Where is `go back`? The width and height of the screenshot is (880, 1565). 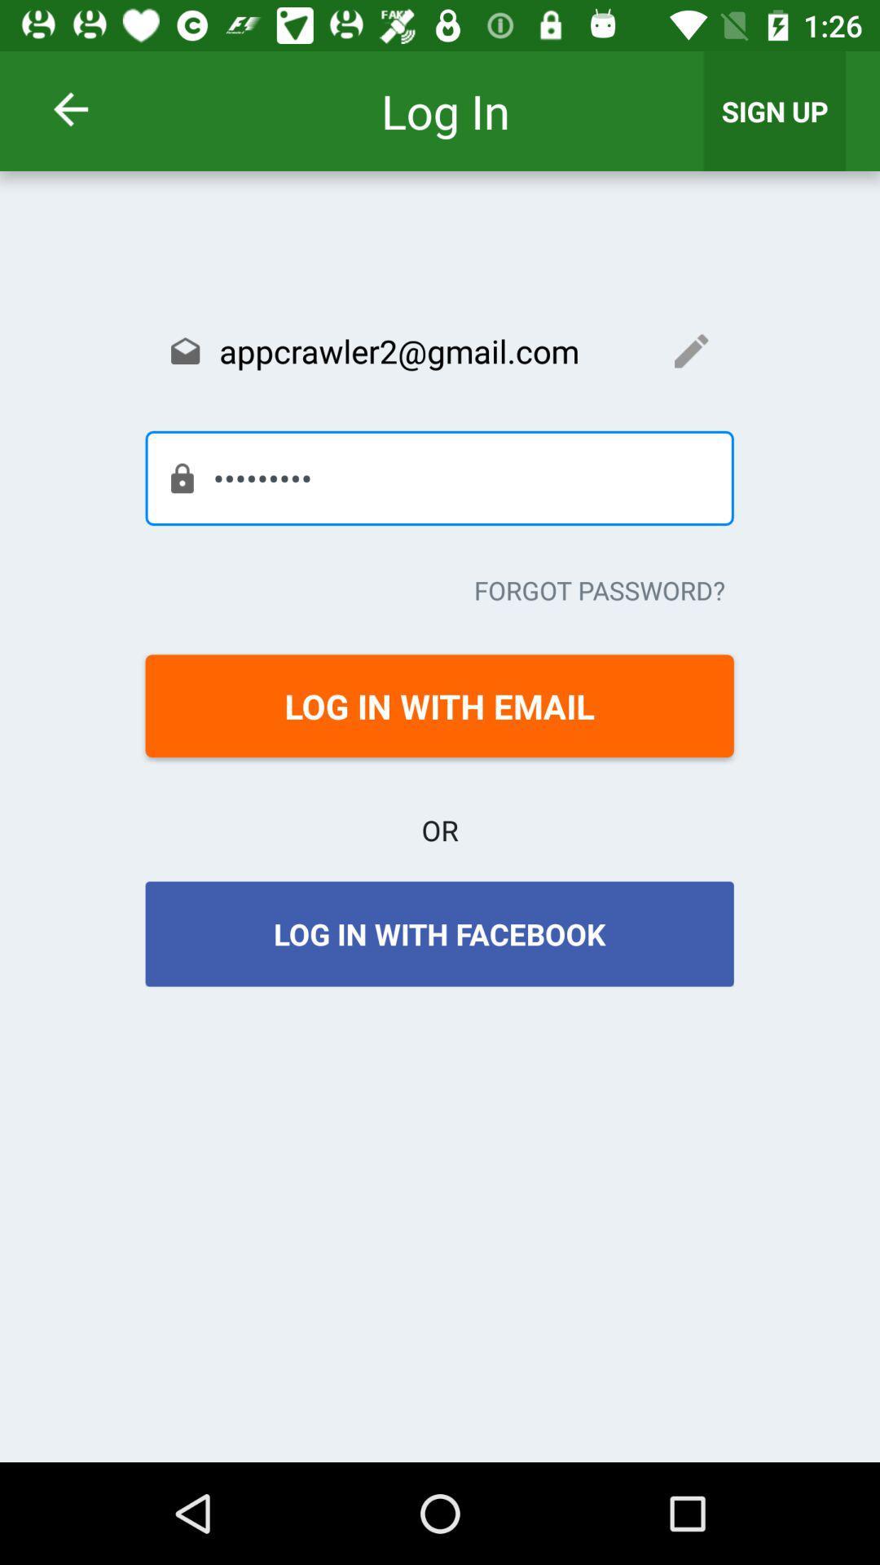
go back is located at coordinates (92, 108).